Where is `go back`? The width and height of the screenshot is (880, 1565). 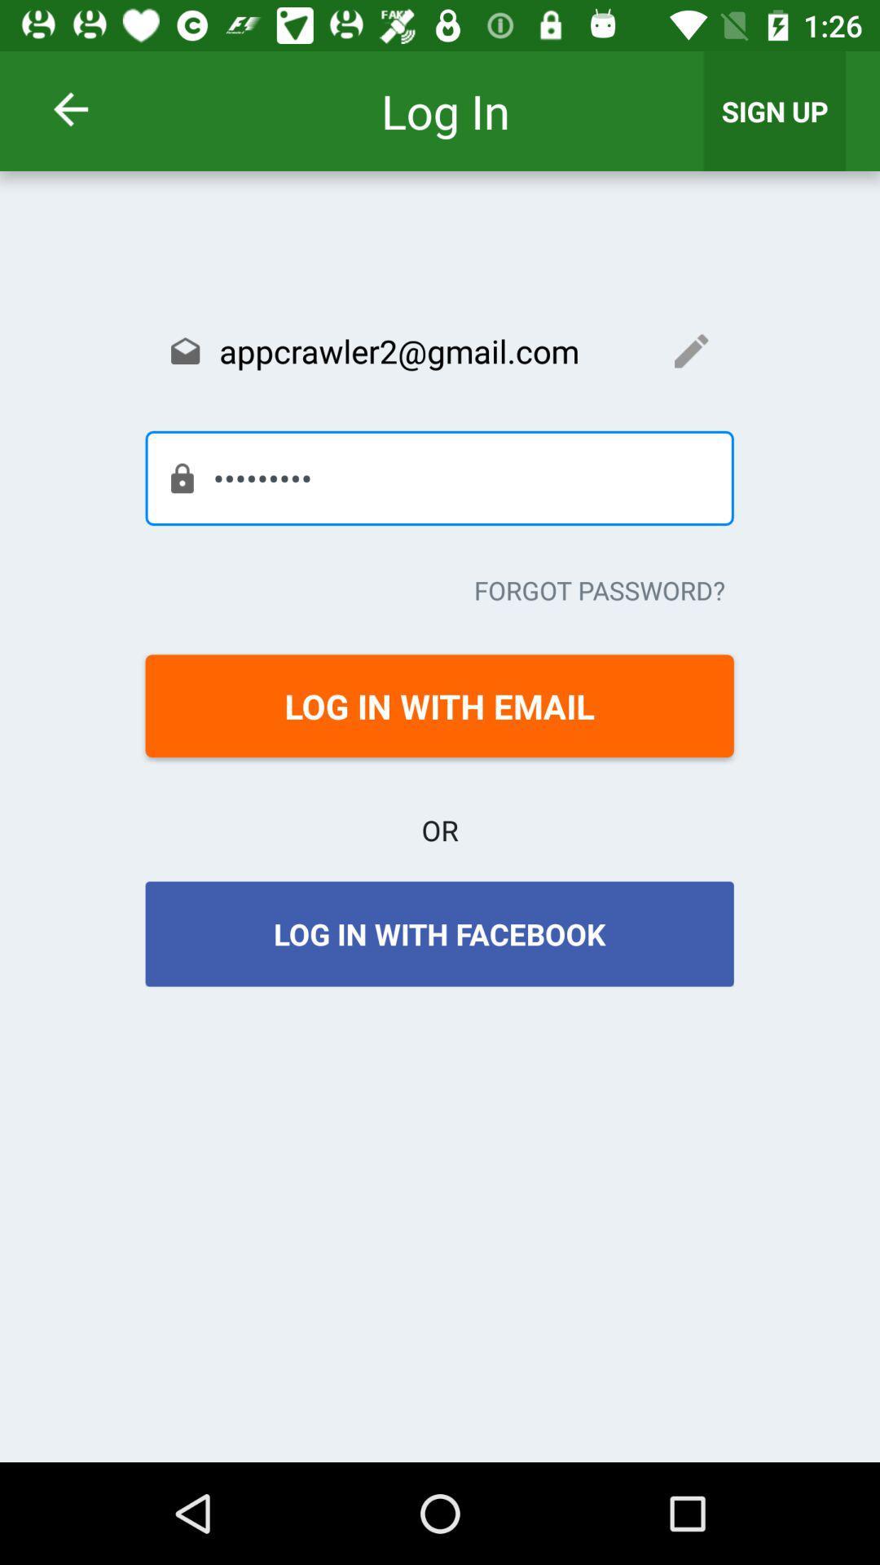
go back is located at coordinates (92, 108).